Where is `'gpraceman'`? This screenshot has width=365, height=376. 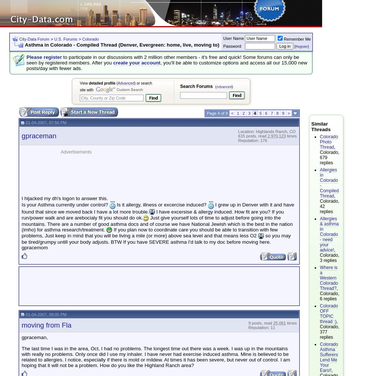 'gpraceman' is located at coordinates (39, 135).